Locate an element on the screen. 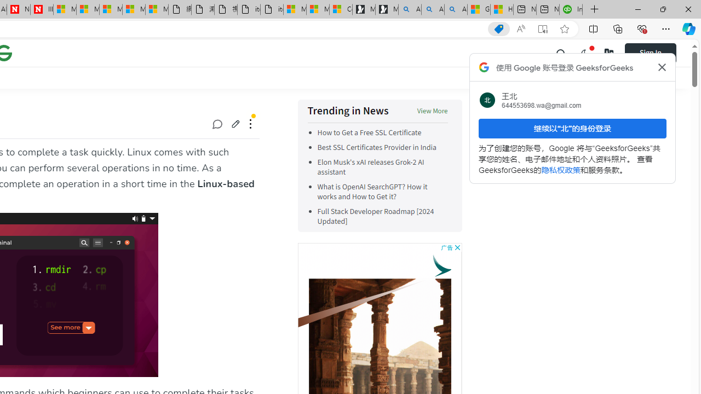 The image size is (701, 394). 'How to Get a Free SSL Certificate' is located at coordinates (382, 132).